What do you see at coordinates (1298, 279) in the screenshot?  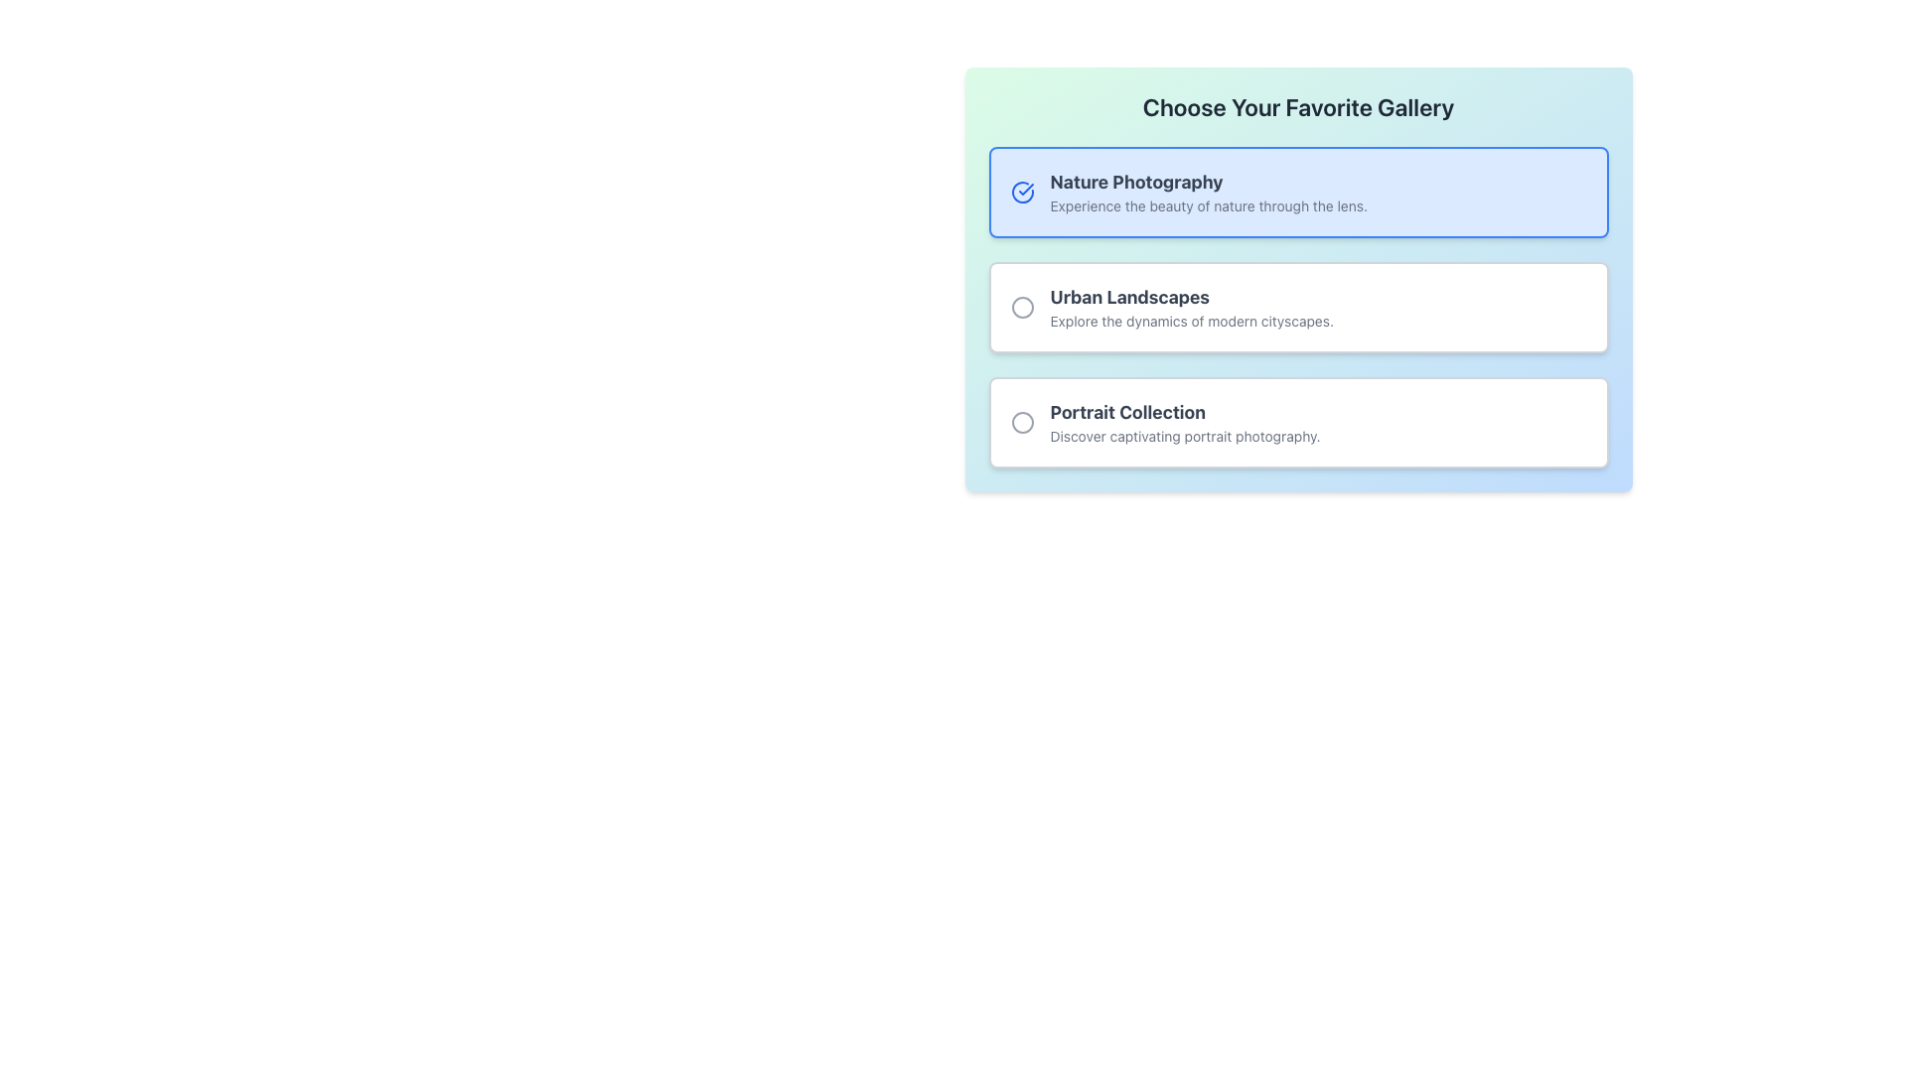 I see `the 'Urban Landscapes' button which has a white background and gray border, located between 'Nature Photography' and 'Portrait Collection'` at bounding box center [1298, 279].